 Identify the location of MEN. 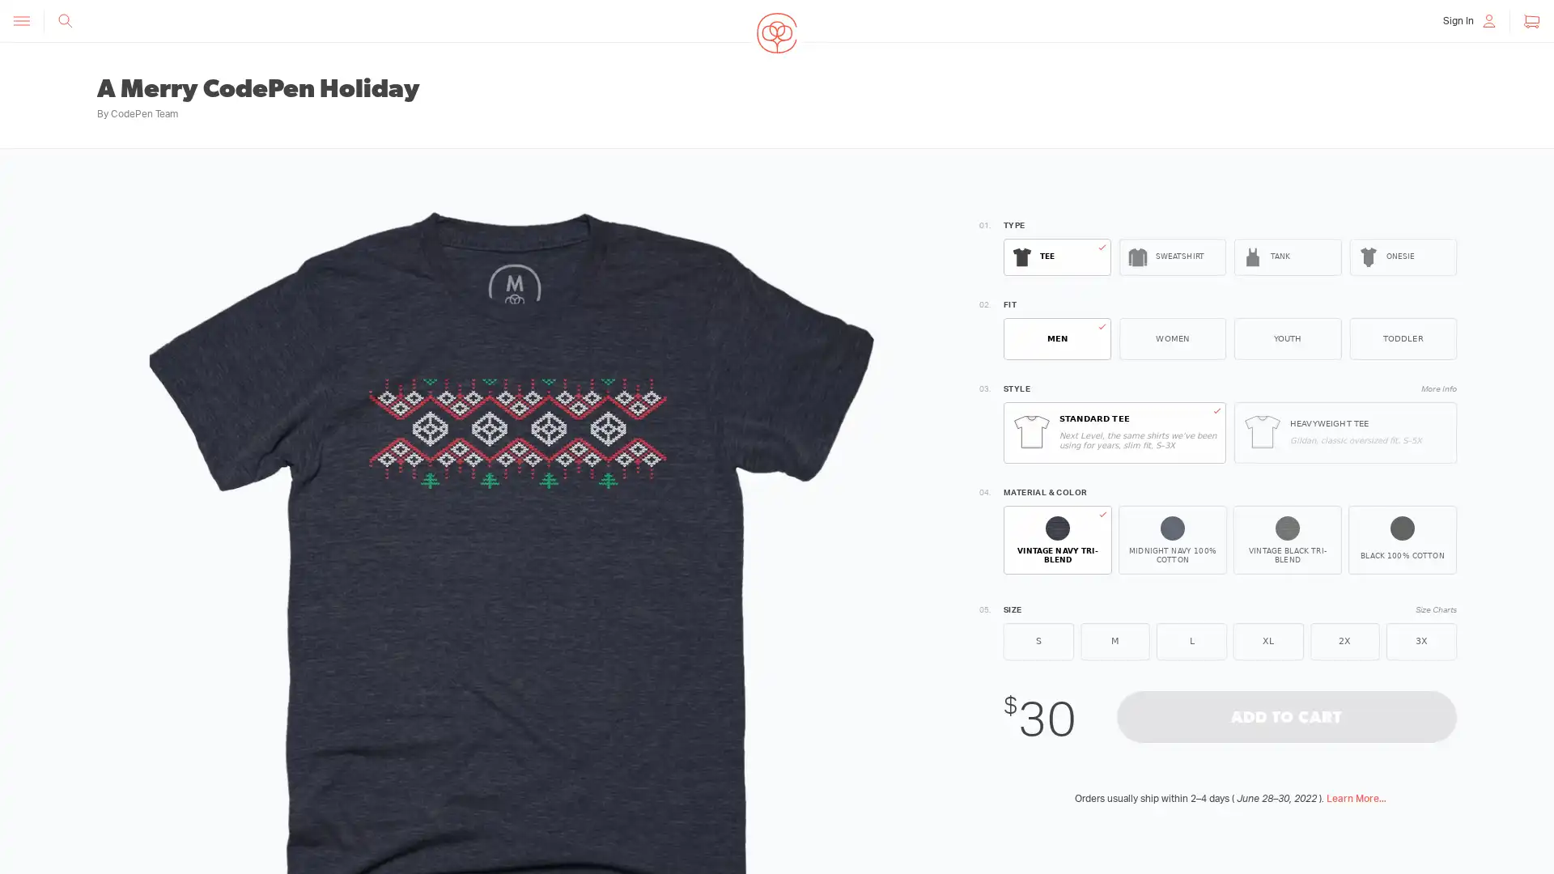
(1056, 338).